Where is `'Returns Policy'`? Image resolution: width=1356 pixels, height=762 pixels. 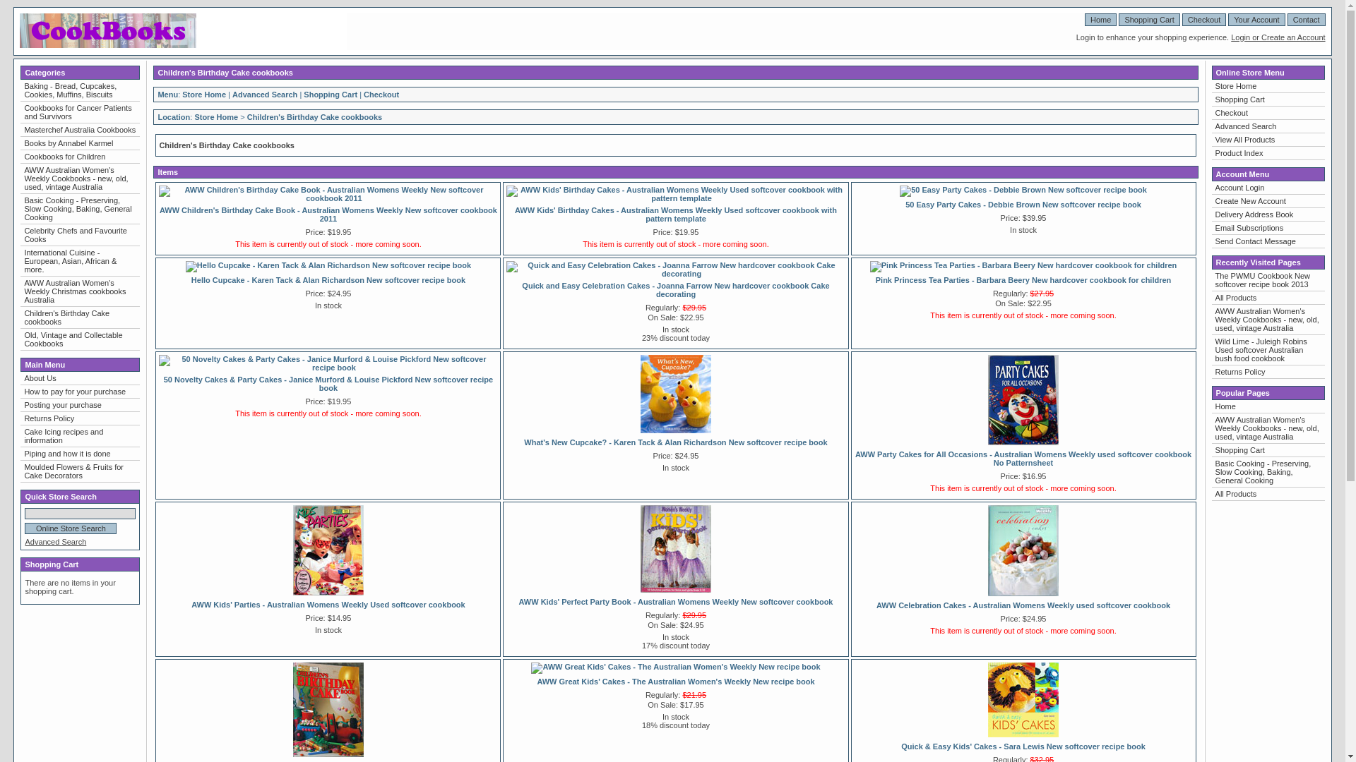 'Returns Policy' is located at coordinates (20, 418).